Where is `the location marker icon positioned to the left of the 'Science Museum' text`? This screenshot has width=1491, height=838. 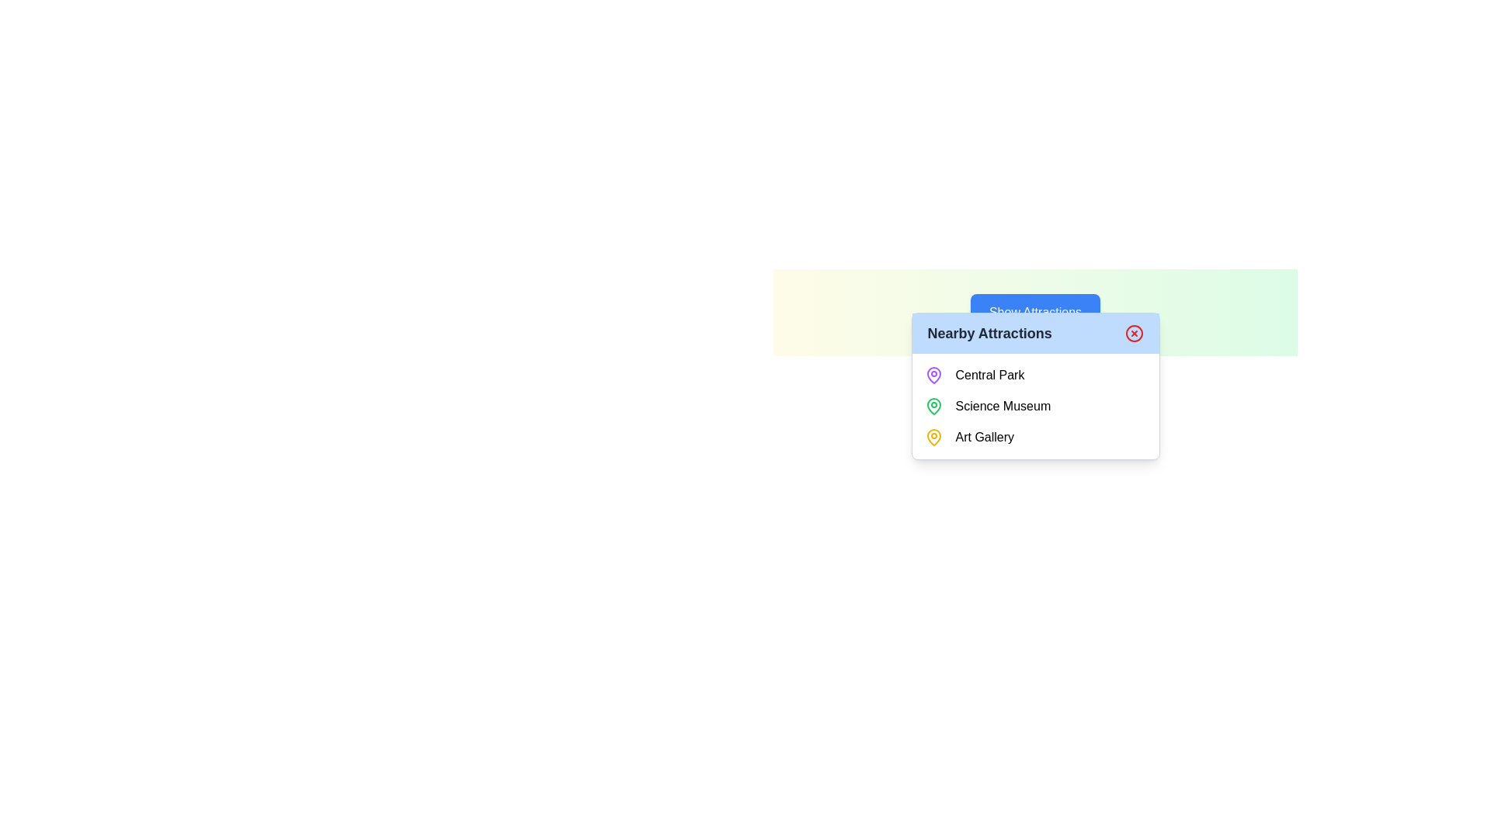 the location marker icon positioned to the left of the 'Science Museum' text is located at coordinates (933, 406).